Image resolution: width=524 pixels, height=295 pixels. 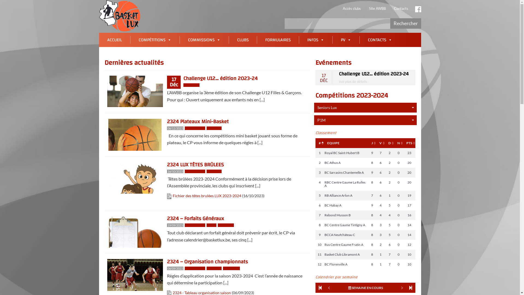 What do you see at coordinates (406, 23) in the screenshot?
I see `'Rechercher'` at bounding box center [406, 23].